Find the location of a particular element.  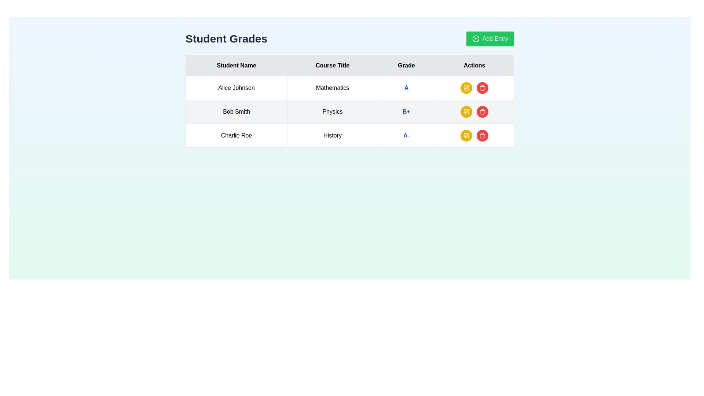

the edit button located in the 'Actions' column of the first row in the student grades table is located at coordinates (466, 87).